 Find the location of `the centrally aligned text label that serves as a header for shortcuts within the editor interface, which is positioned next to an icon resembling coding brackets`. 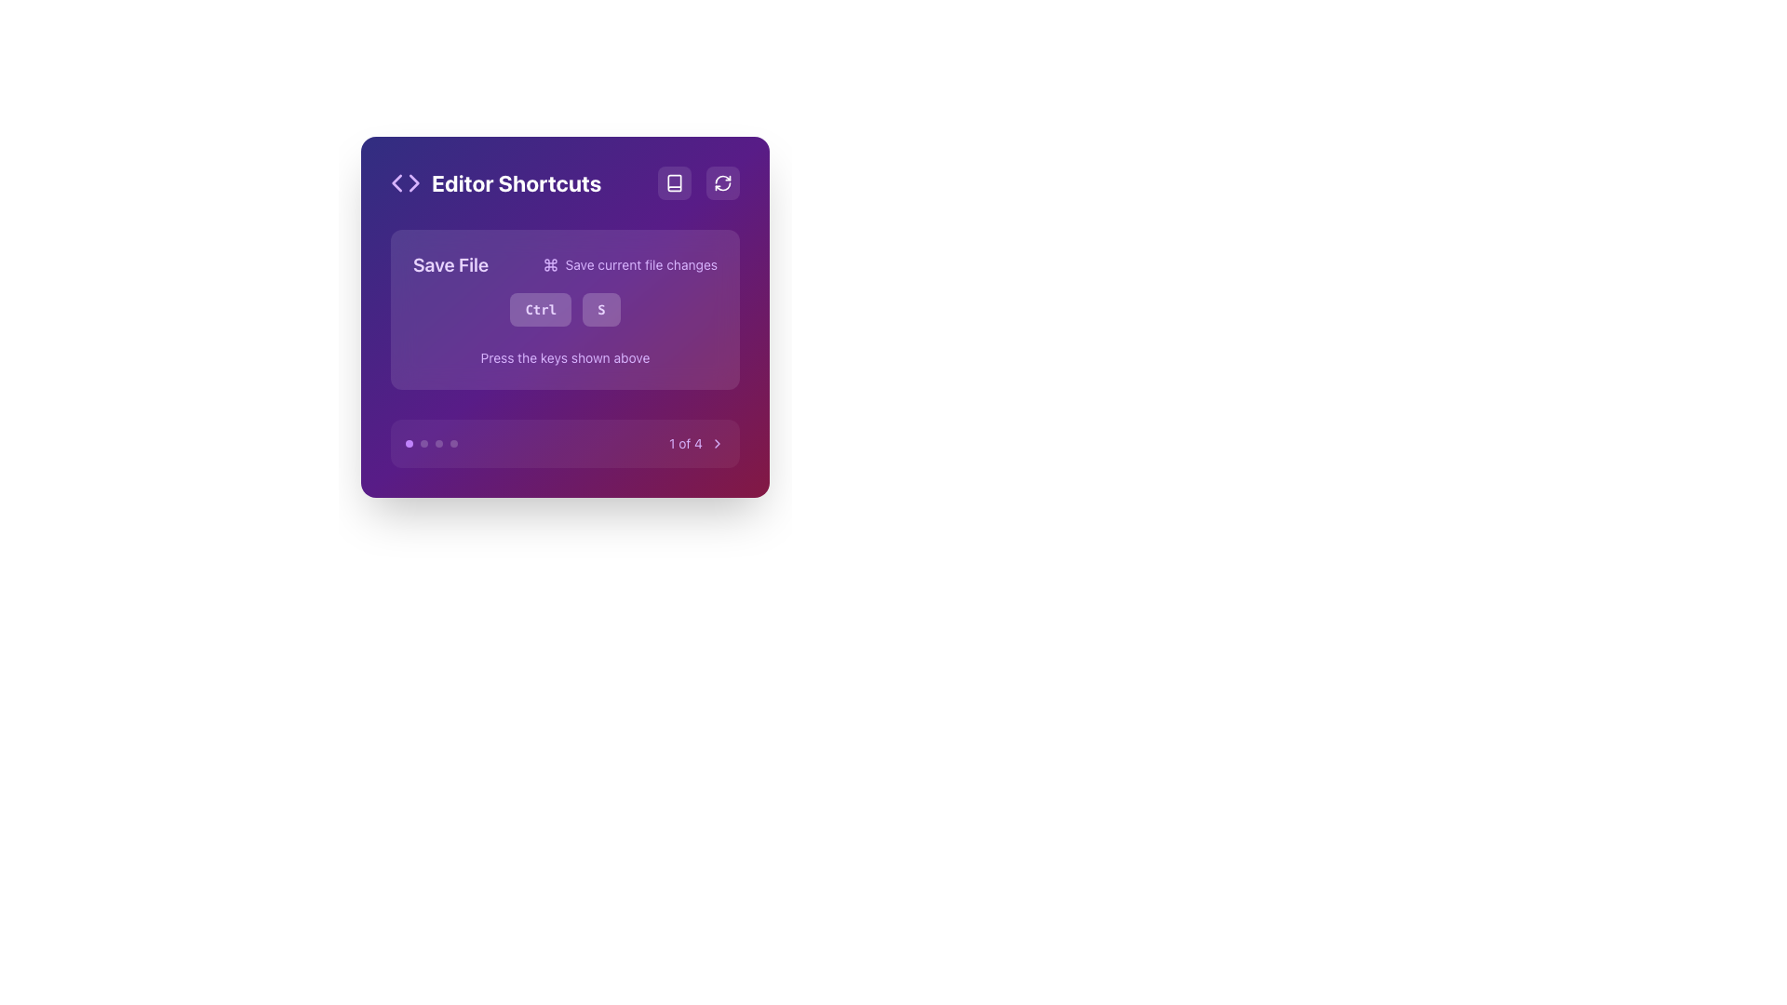

the centrally aligned text label that serves as a header for shortcuts within the editor interface, which is positioned next to an icon resembling coding brackets is located at coordinates (517, 182).